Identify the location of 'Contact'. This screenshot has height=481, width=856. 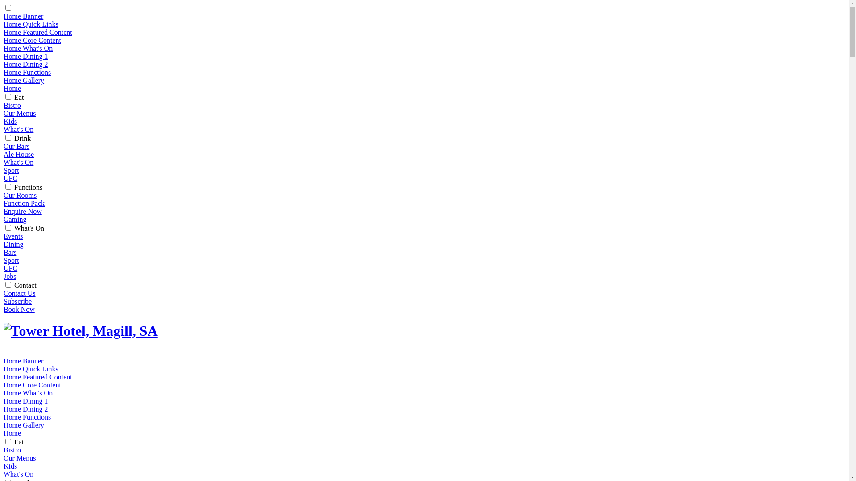
(14, 285).